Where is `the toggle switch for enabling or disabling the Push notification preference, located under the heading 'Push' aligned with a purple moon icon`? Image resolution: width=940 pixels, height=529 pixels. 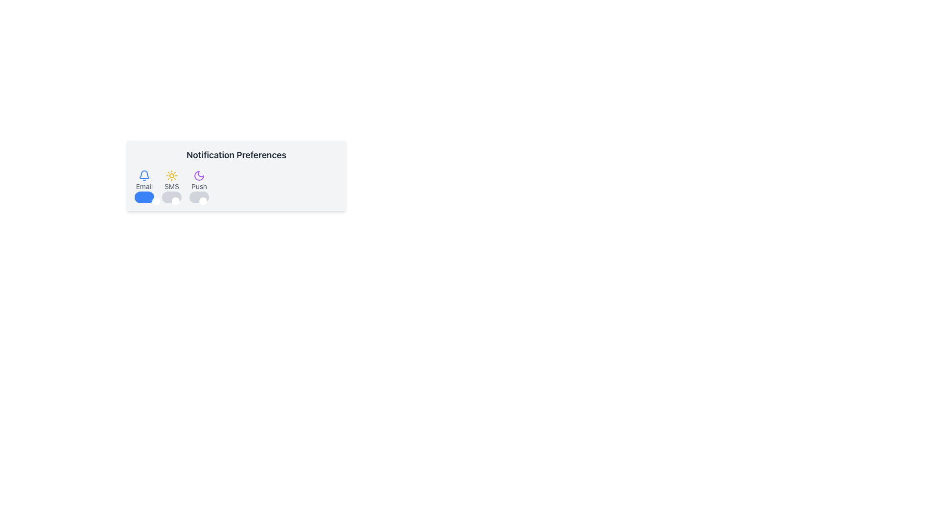 the toggle switch for enabling or disabling the Push notification preference, located under the heading 'Push' aligned with a purple moon icon is located at coordinates (199, 197).